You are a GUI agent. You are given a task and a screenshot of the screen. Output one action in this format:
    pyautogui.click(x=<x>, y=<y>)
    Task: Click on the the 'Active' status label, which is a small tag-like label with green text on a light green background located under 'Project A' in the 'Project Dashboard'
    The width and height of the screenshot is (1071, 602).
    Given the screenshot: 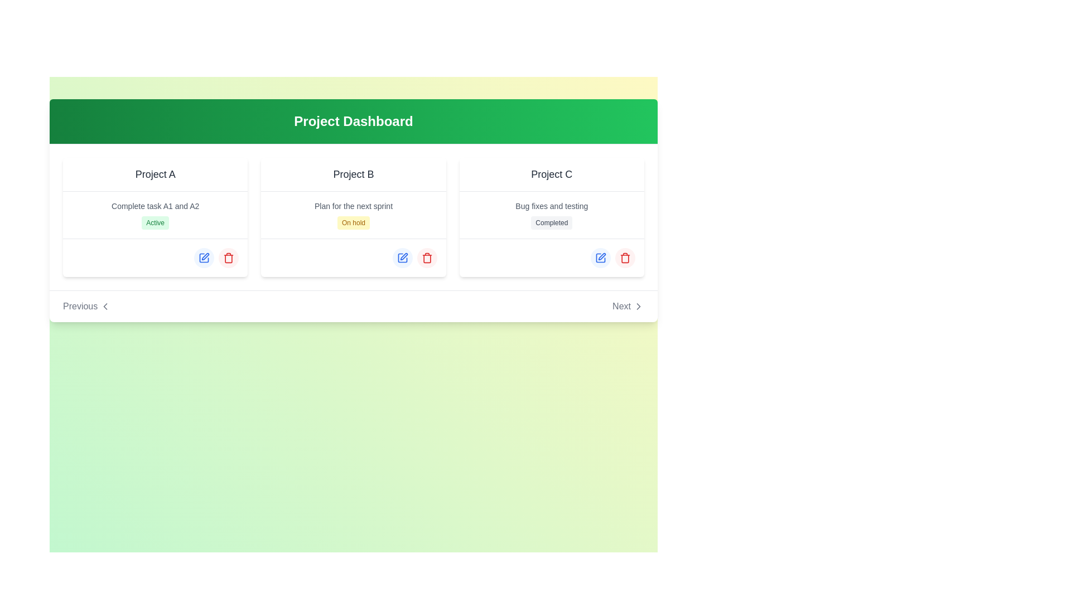 What is the action you would take?
    pyautogui.click(x=155, y=223)
    